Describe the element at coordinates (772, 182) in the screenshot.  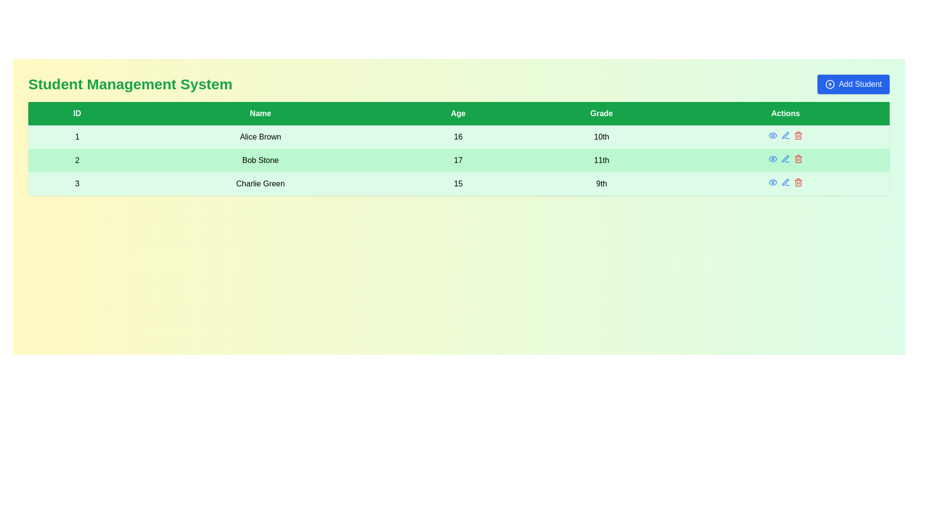
I see `the 'view' icon within the Actions column for the student named 'Charlie Green' in the third row of the table` at that location.